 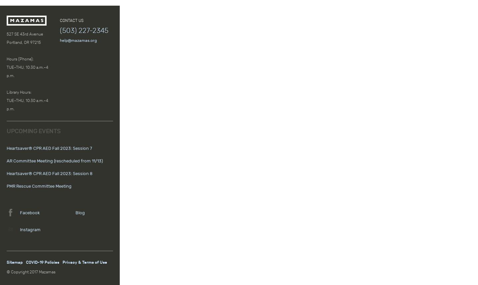 What do you see at coordinates (14, 262) in the screenshot?
I see `'Sitemap'` at bounding box center [14, 262].